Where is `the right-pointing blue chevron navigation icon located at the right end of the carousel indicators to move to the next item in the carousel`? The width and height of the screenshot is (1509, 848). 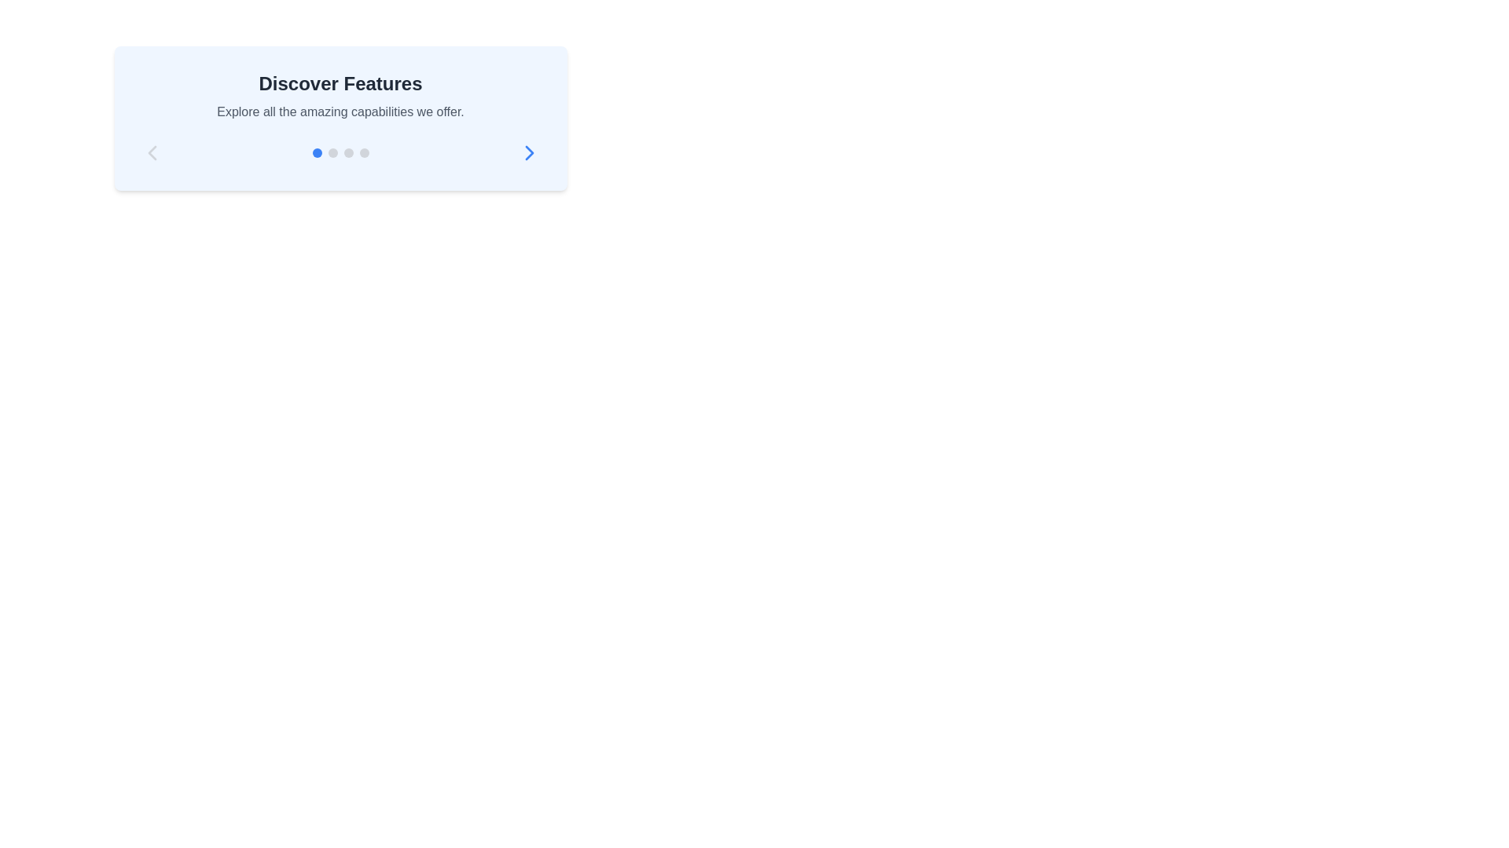 the right-pointing blue chevron navigation icon located at the right end of the carousel indicators to move to the next item in the carousel is located at coordinates (529, 153).